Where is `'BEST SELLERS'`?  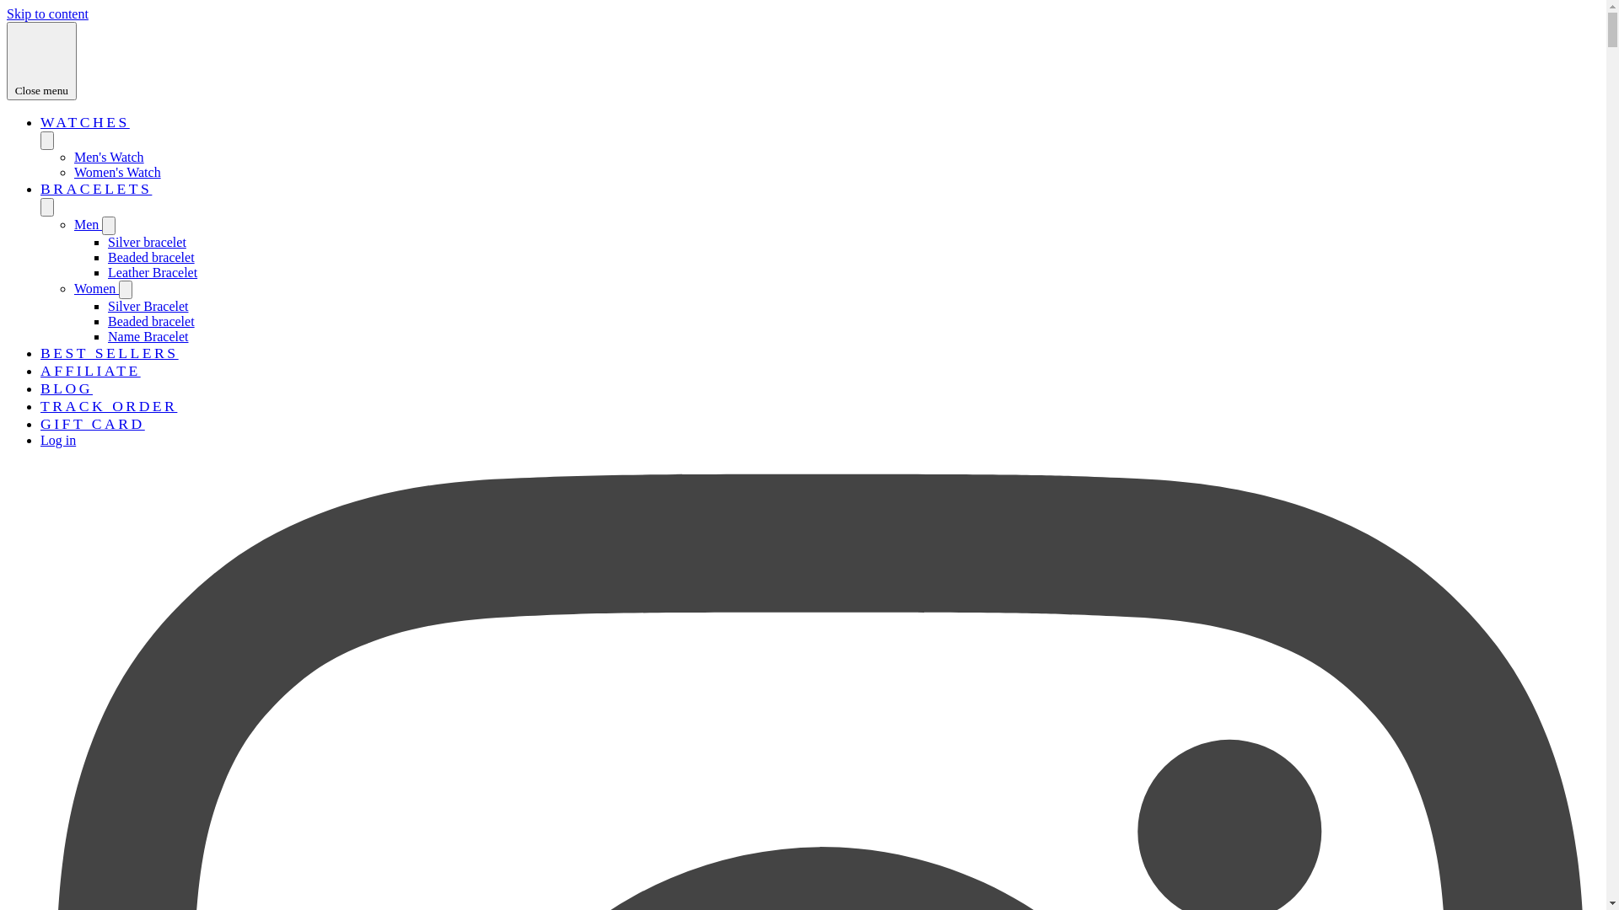 'BEST SELLERS' is located at coordinates (108, 352).